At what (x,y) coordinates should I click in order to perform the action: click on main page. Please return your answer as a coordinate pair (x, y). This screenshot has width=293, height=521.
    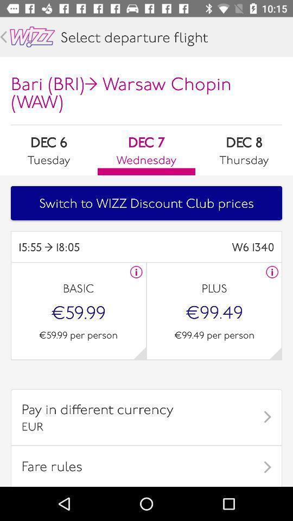
    Looking at the image, I should click on (32, 37).